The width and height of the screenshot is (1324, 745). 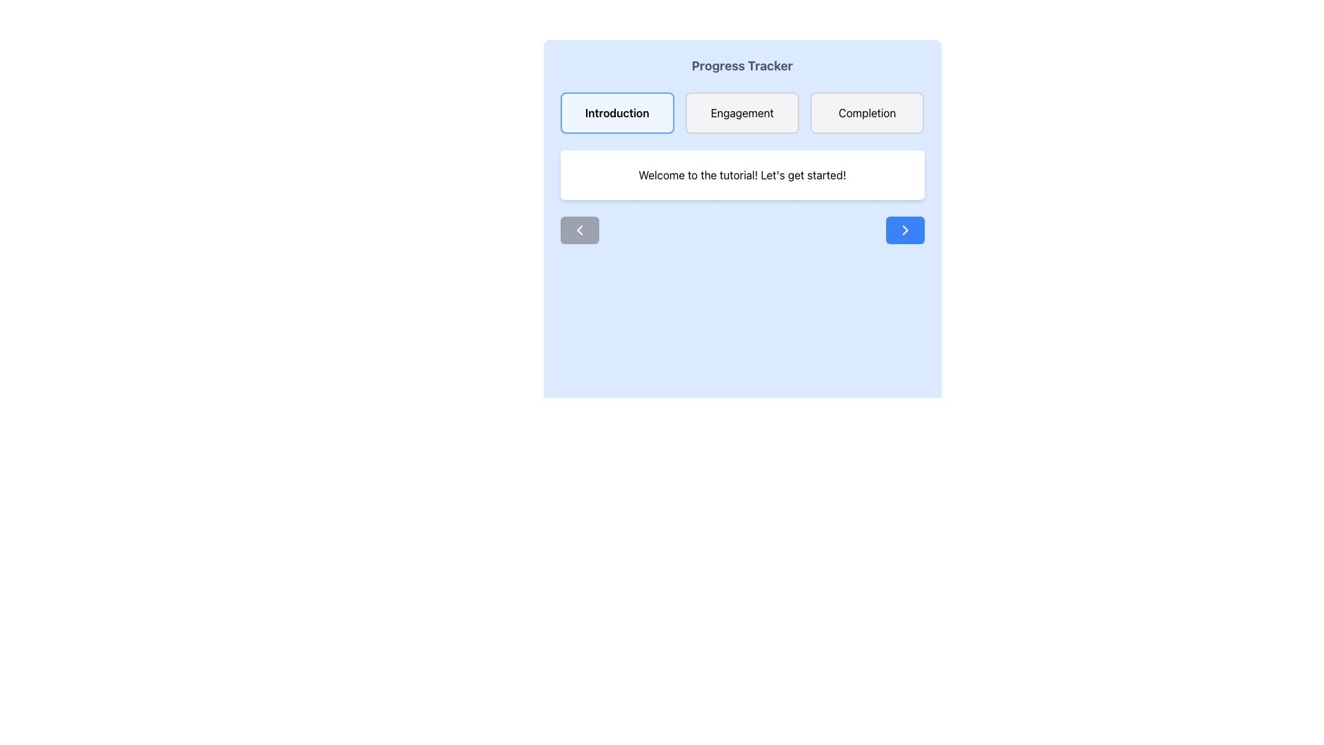 I want to click on the Informational panel that welcomes users to the tutorial, located centrally below the tabs labeled 'Introduction', 'Engagement', and 'Completion', so click(x=741, y=175).